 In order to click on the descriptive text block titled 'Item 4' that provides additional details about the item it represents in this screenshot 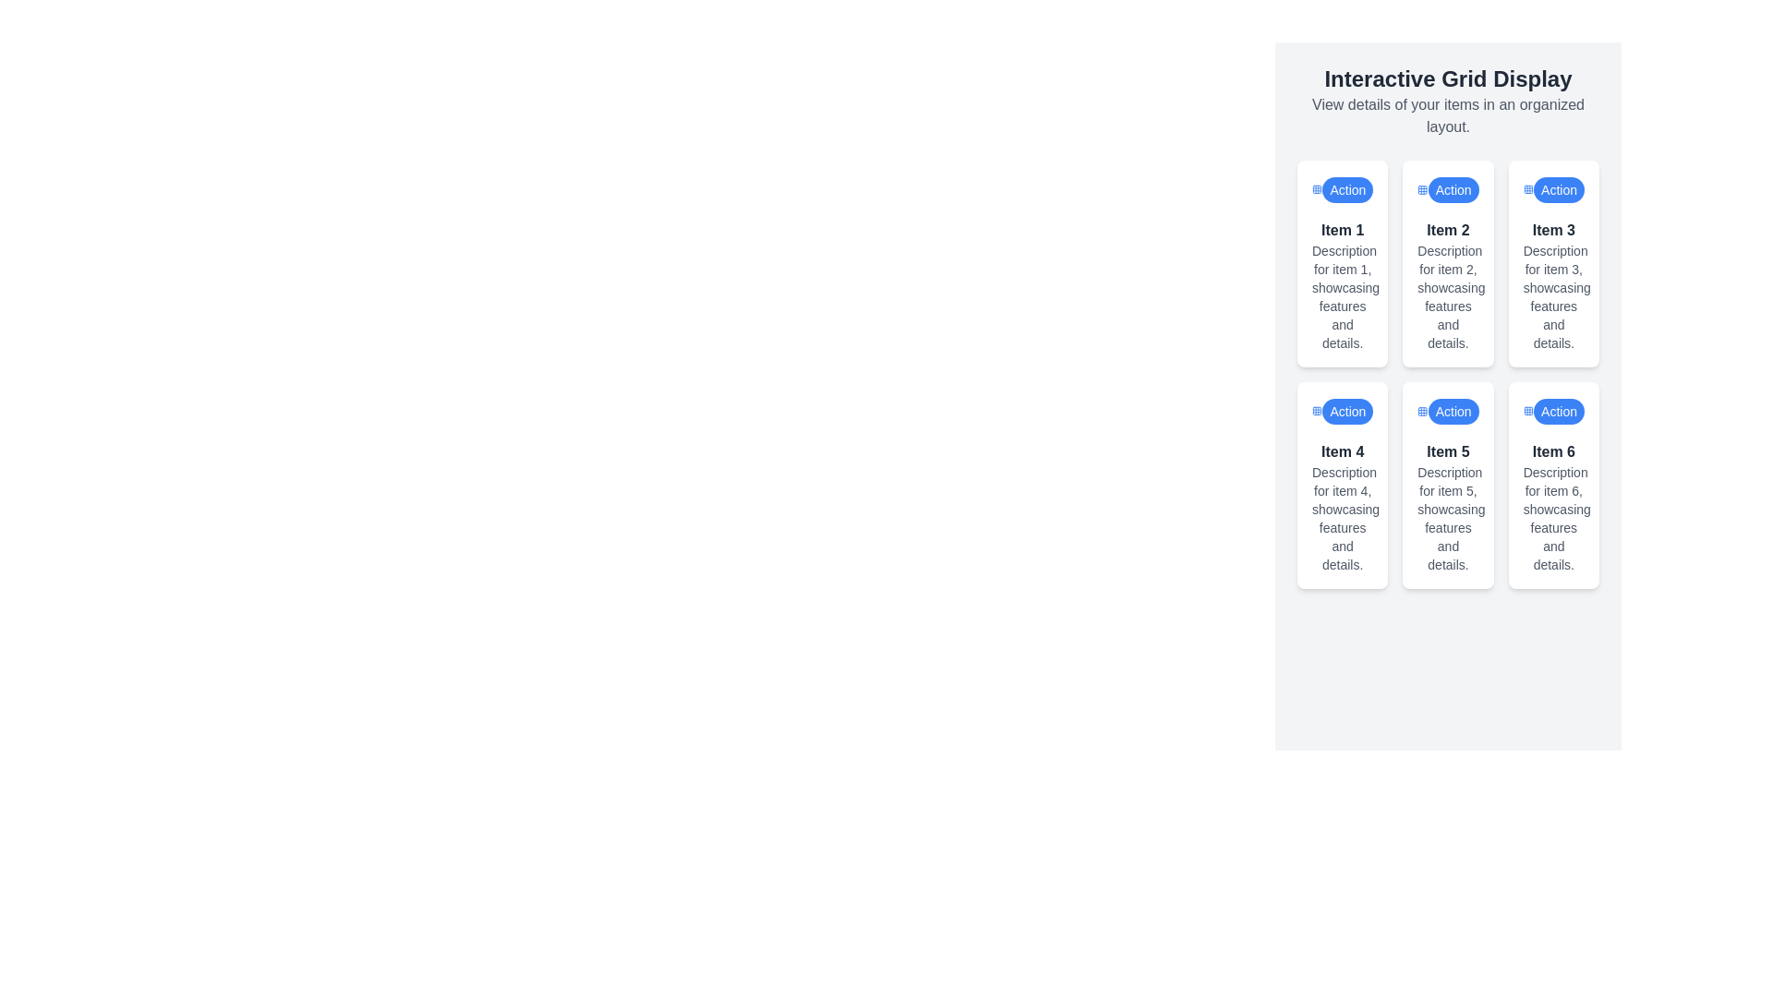, I will do `click(1343, 508)`.